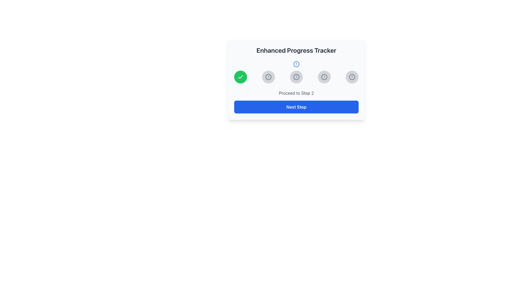 This screenshot has height=289, width=515. I want to click on the blue circular outline of the alert icon located under the label 'Enhanced Progress Tracker', so click(296, 64).